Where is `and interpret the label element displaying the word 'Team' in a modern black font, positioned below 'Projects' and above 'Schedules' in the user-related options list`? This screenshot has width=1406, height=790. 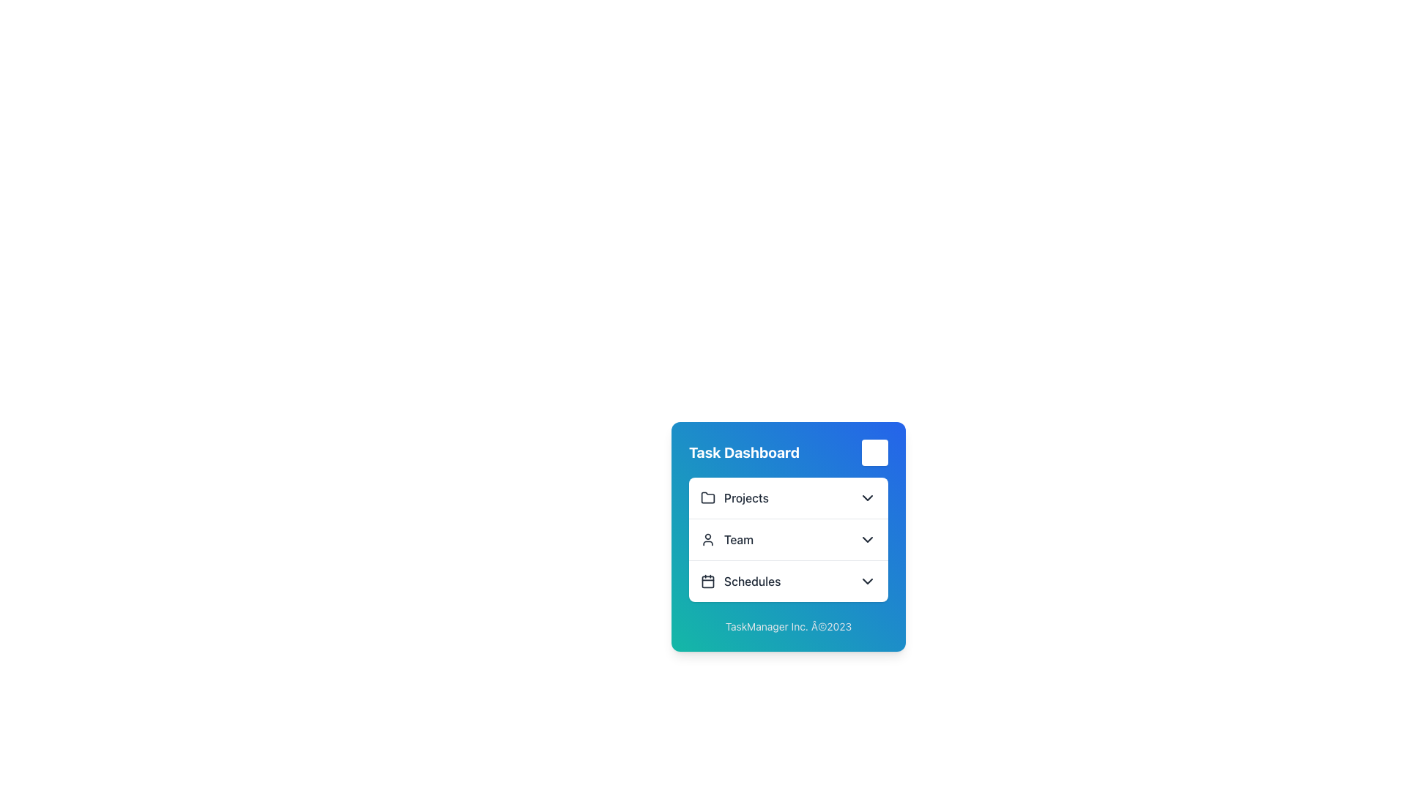 and interpret the label element displaying the word 'Team' in a modern black font, positioned below 'Projects' and above 'Schedules' in the user-related options list is located at coordinates (738, 539).